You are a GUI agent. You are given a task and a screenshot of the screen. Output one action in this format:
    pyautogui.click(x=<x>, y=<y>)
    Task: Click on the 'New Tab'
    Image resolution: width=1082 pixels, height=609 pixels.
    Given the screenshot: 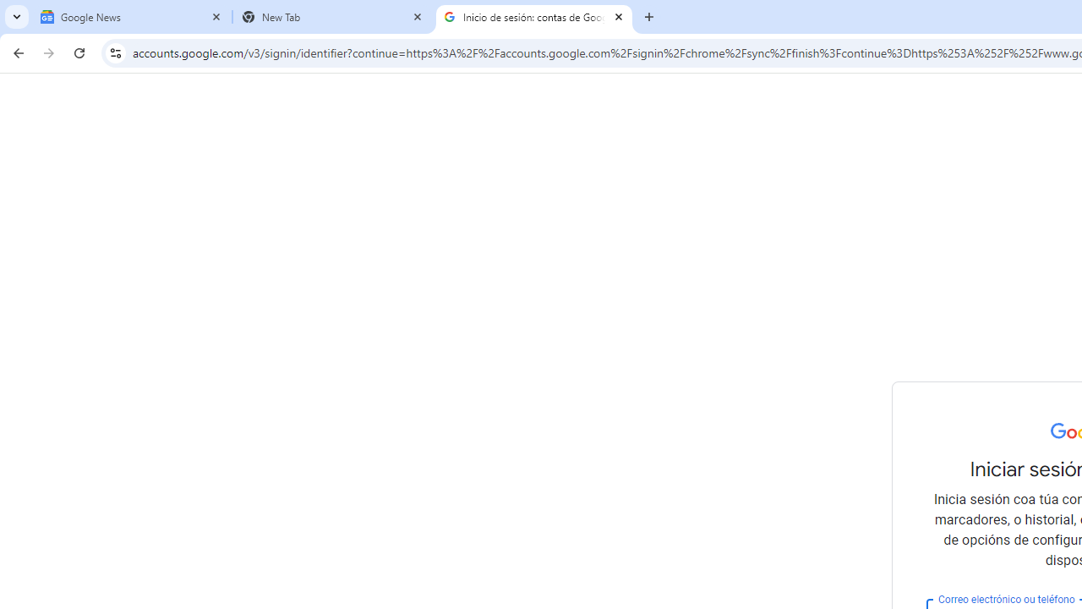 What is the action you would take?
    pyautogui.click(x=333, y=17)
    